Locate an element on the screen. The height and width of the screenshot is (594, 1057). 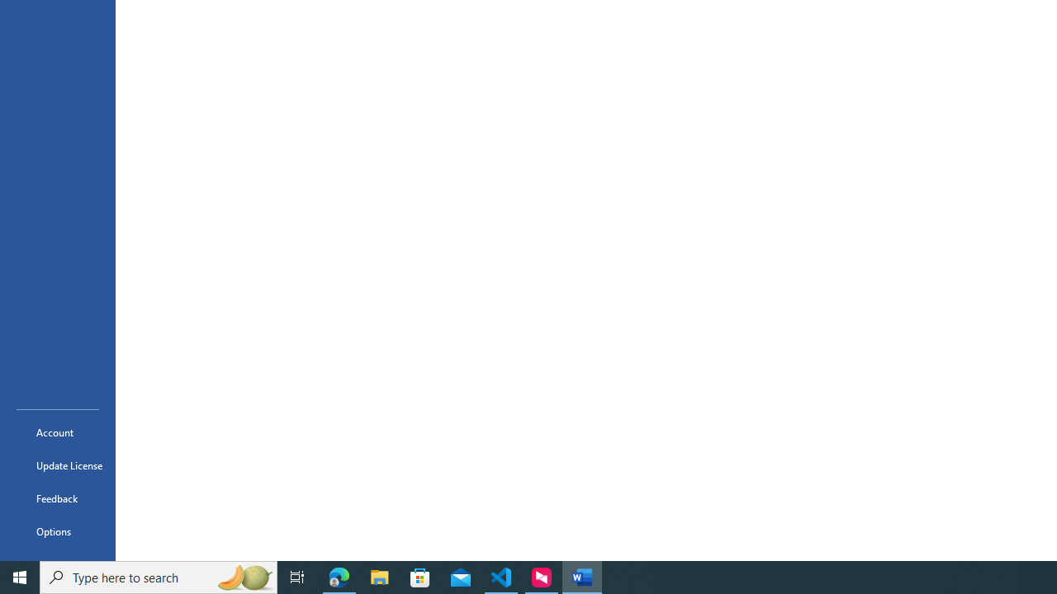
'Feedback' is located at coordinates (57, 497).